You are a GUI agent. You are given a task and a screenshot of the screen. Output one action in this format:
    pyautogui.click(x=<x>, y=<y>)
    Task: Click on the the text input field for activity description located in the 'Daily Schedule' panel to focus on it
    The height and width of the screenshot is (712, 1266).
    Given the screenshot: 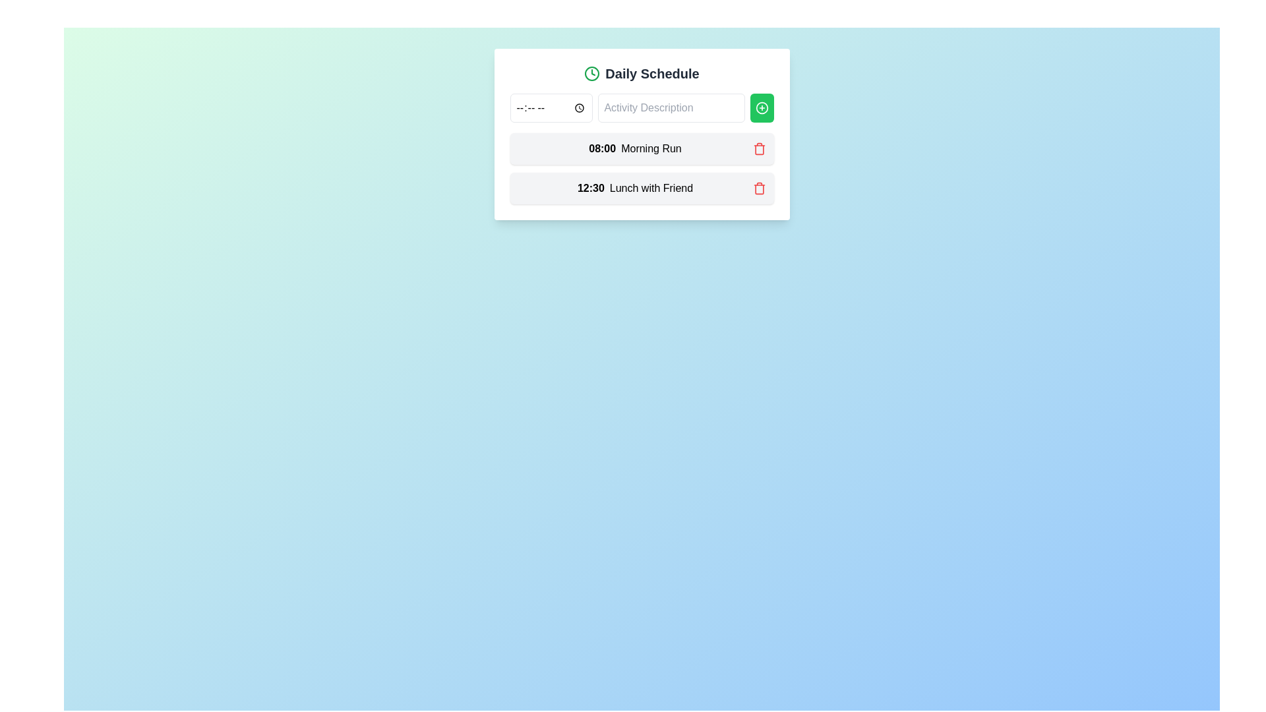 What is the action you would take?
    pyautogui.click(x=671, y=107)
    